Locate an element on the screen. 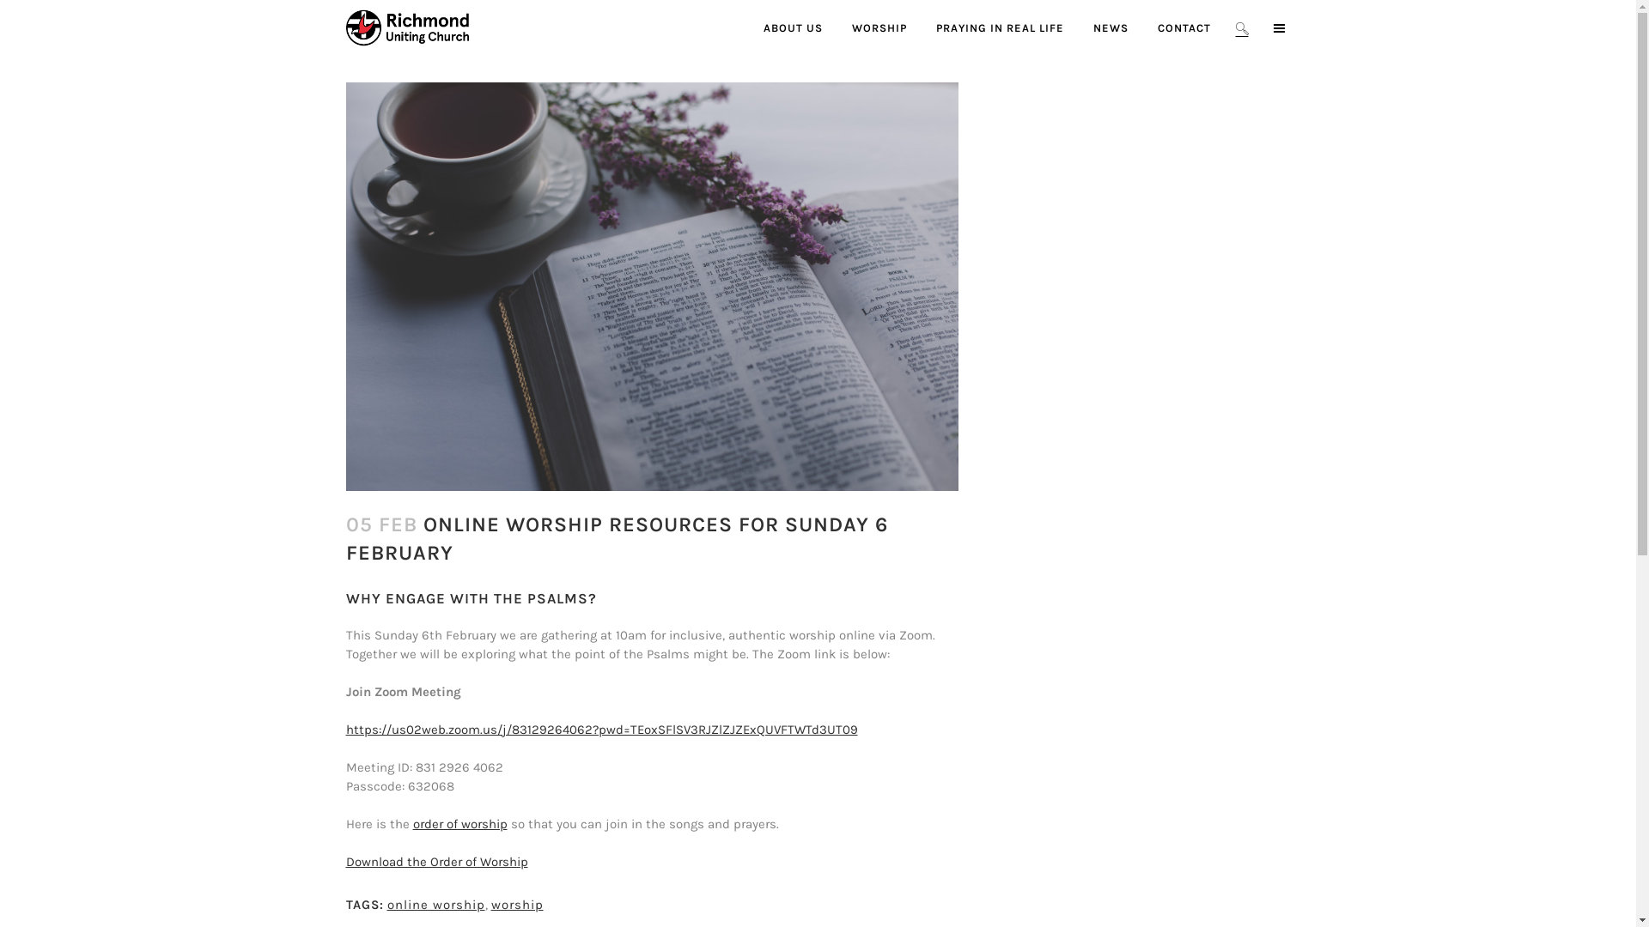 The image size is (1649, 927). 'Download the Order of Worship' is located at coordinates (436, 861).